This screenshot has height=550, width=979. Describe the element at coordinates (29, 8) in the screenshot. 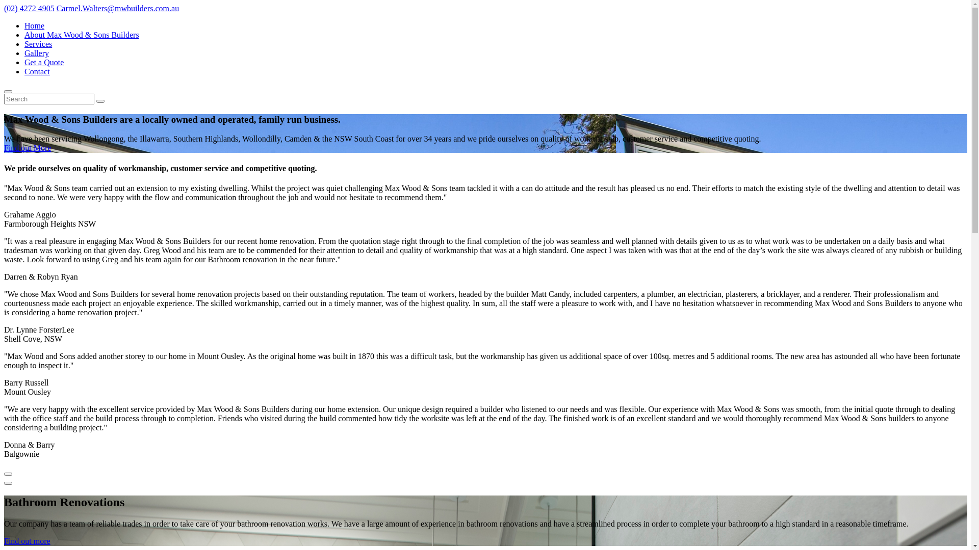

I see `'(02) 4272 4905'` at that location.